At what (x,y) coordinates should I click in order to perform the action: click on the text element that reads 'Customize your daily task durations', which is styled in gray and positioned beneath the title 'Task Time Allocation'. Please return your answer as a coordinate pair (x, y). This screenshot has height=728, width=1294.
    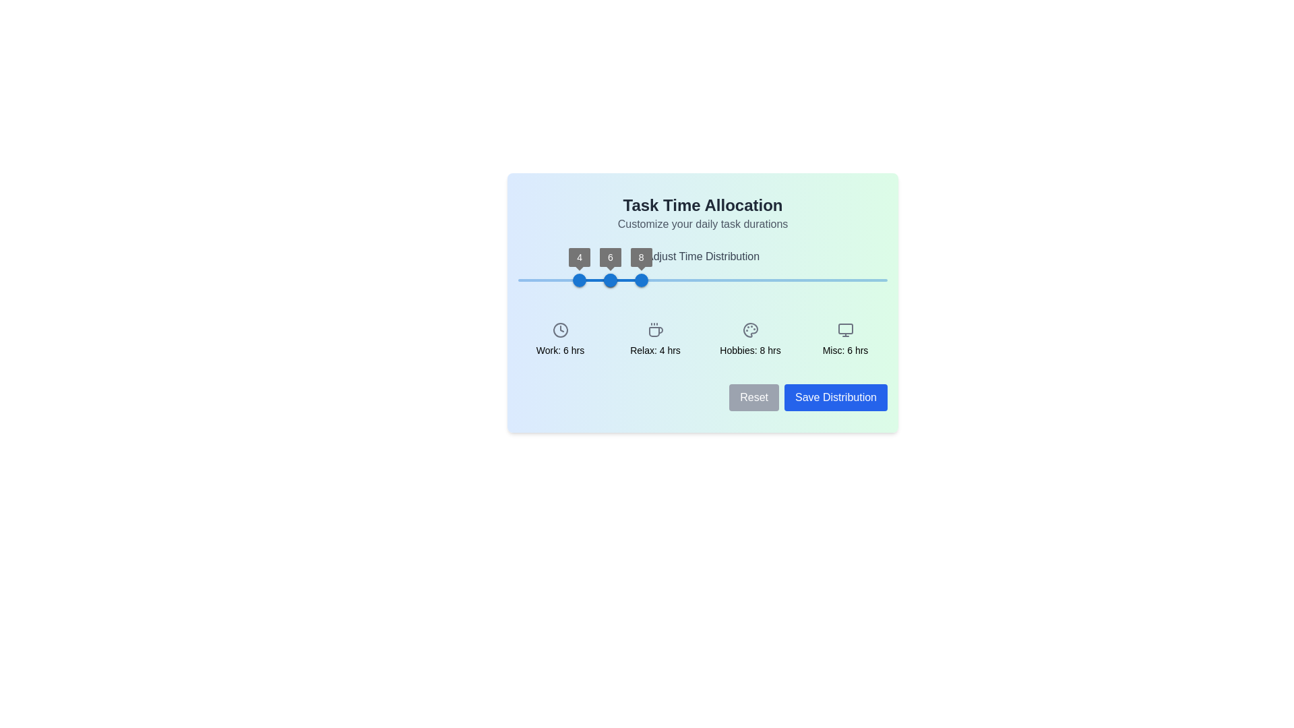
    Looking at the image, I should click on (702, 223).